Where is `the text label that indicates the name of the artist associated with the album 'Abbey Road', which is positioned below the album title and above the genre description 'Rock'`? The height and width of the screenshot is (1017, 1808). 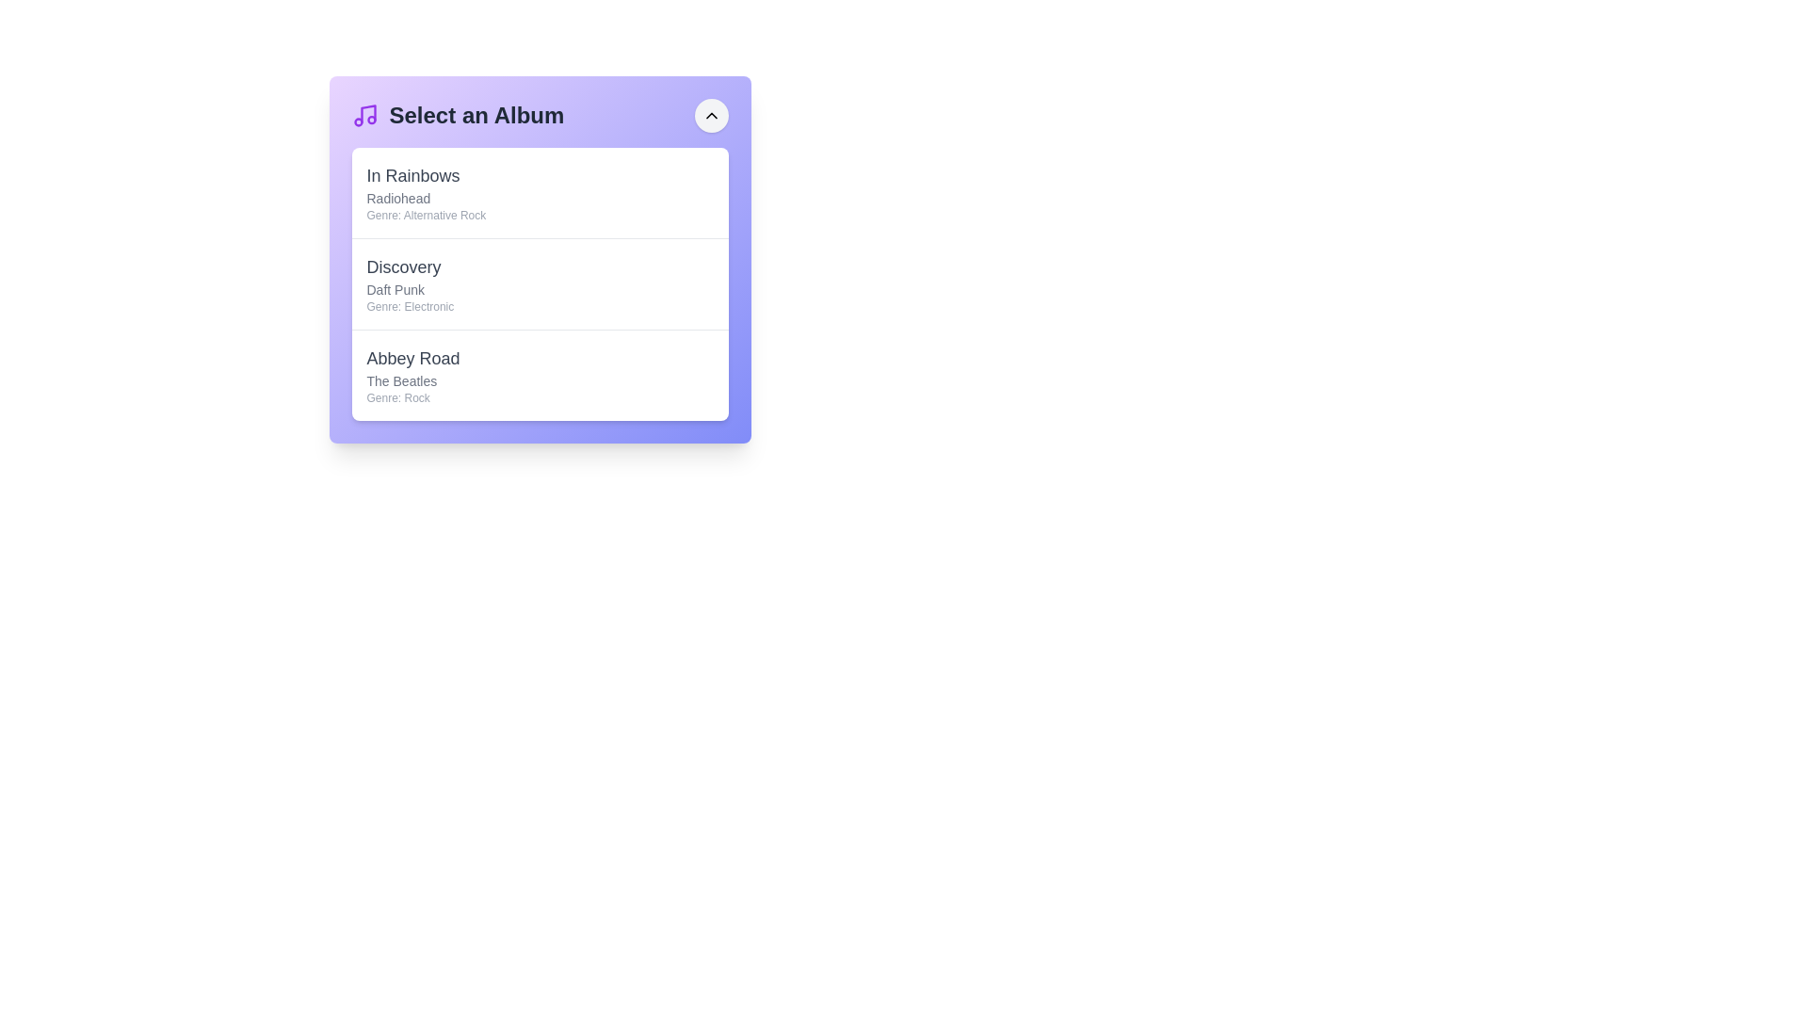
the text label that indicates the name of the artist associated with the album 'Abbey Road', which is positioned below the album title and above the genre description 'Rock' is located at coordinates (412, 381).